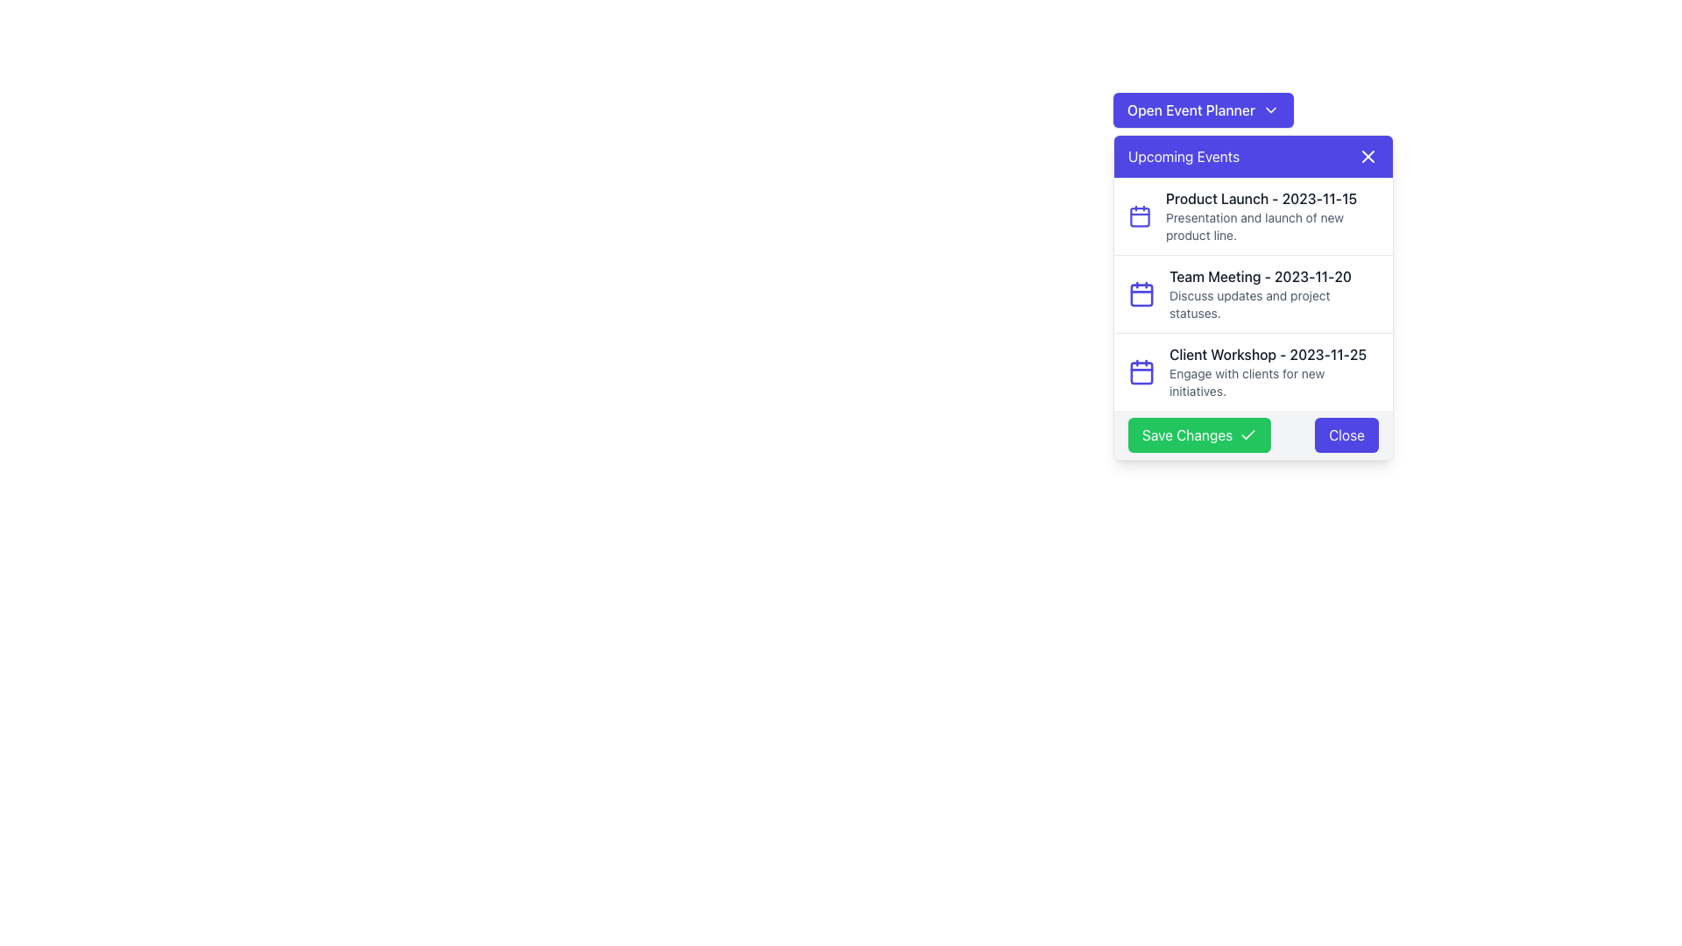 The height and width of the screenshot is (946, 1682). What do you see at coordinates (1141, 293) in the screenshot?
I see `the calendar icon with an indigo rectangular frame located in the sidebar under 'Upcoming Events', specifically in the second row next to the text 'Team Meeting - 2023-11-20 Discuss updates and project statuses.'` at bounding box center [1141, 293].